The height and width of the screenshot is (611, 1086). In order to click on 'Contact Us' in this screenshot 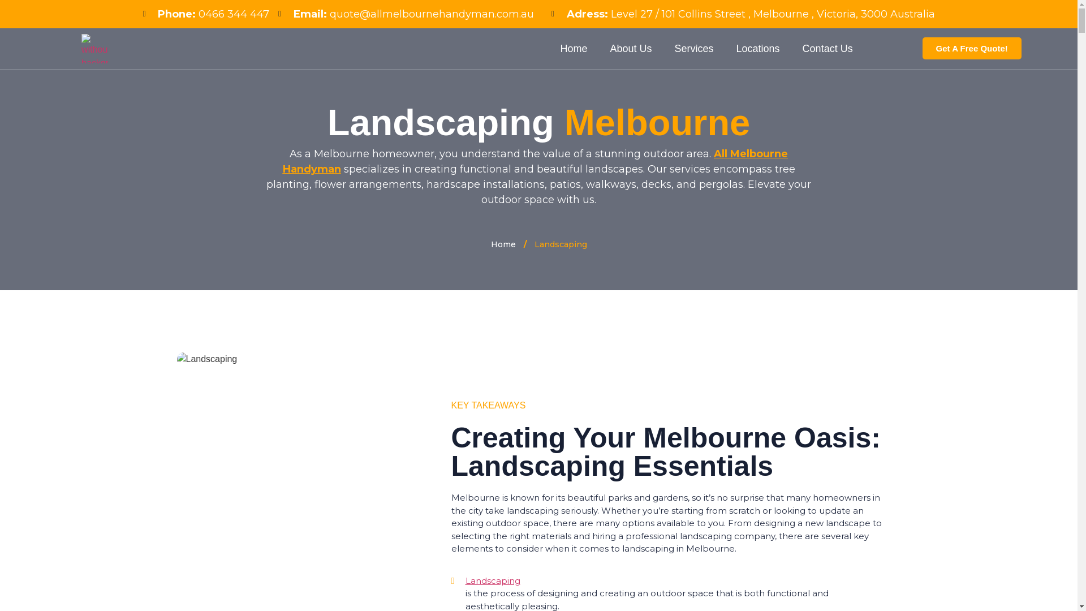, I will do `click(828, 48)`.